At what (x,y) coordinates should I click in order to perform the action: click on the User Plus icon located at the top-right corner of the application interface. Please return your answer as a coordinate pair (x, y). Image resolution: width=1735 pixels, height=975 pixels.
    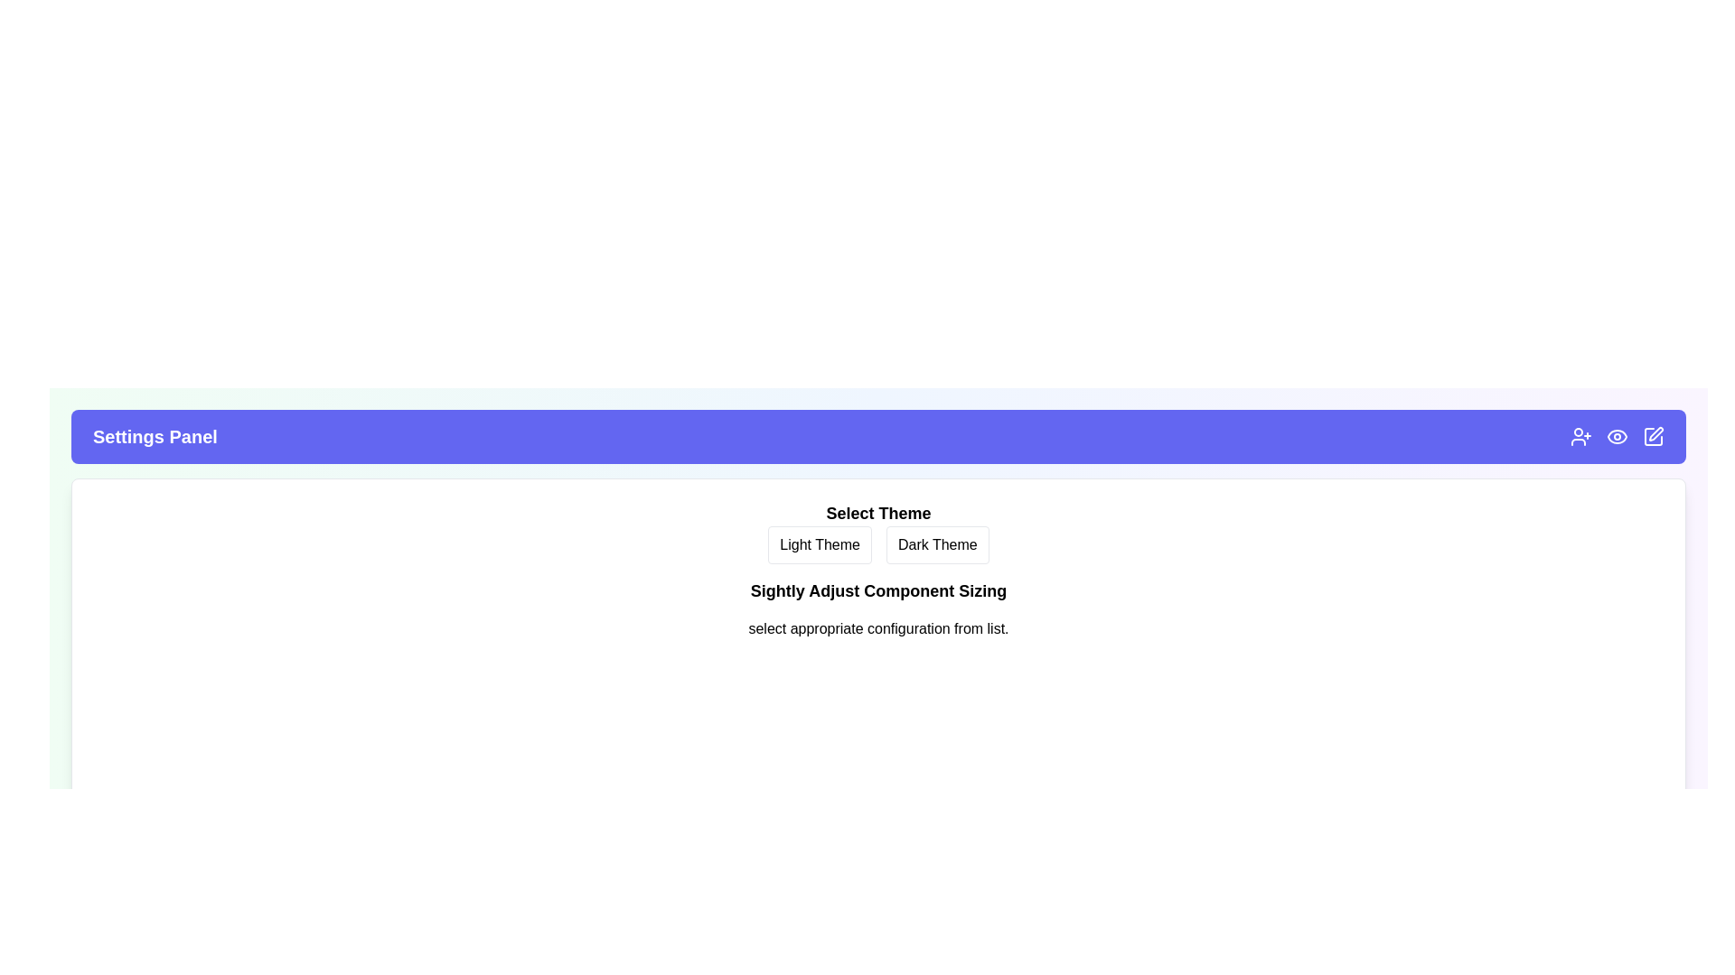
    Looking at the image, I should click on (1580, 436).